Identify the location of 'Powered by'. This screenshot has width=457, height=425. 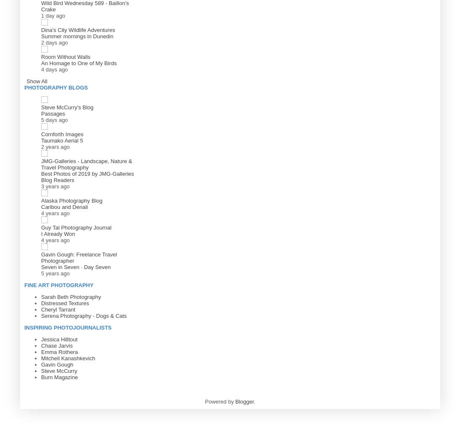
(219, 401).